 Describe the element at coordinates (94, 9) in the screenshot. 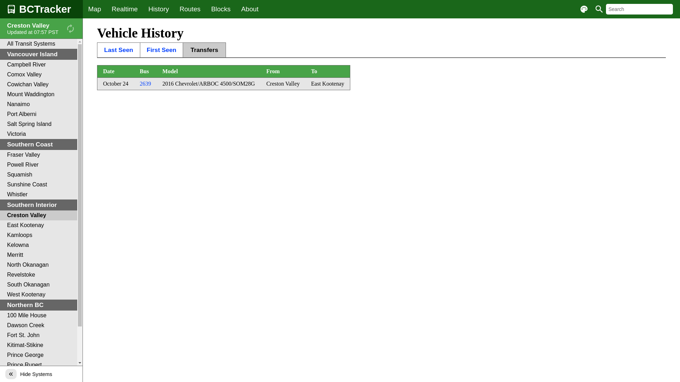

I see `'Map'` at that location.